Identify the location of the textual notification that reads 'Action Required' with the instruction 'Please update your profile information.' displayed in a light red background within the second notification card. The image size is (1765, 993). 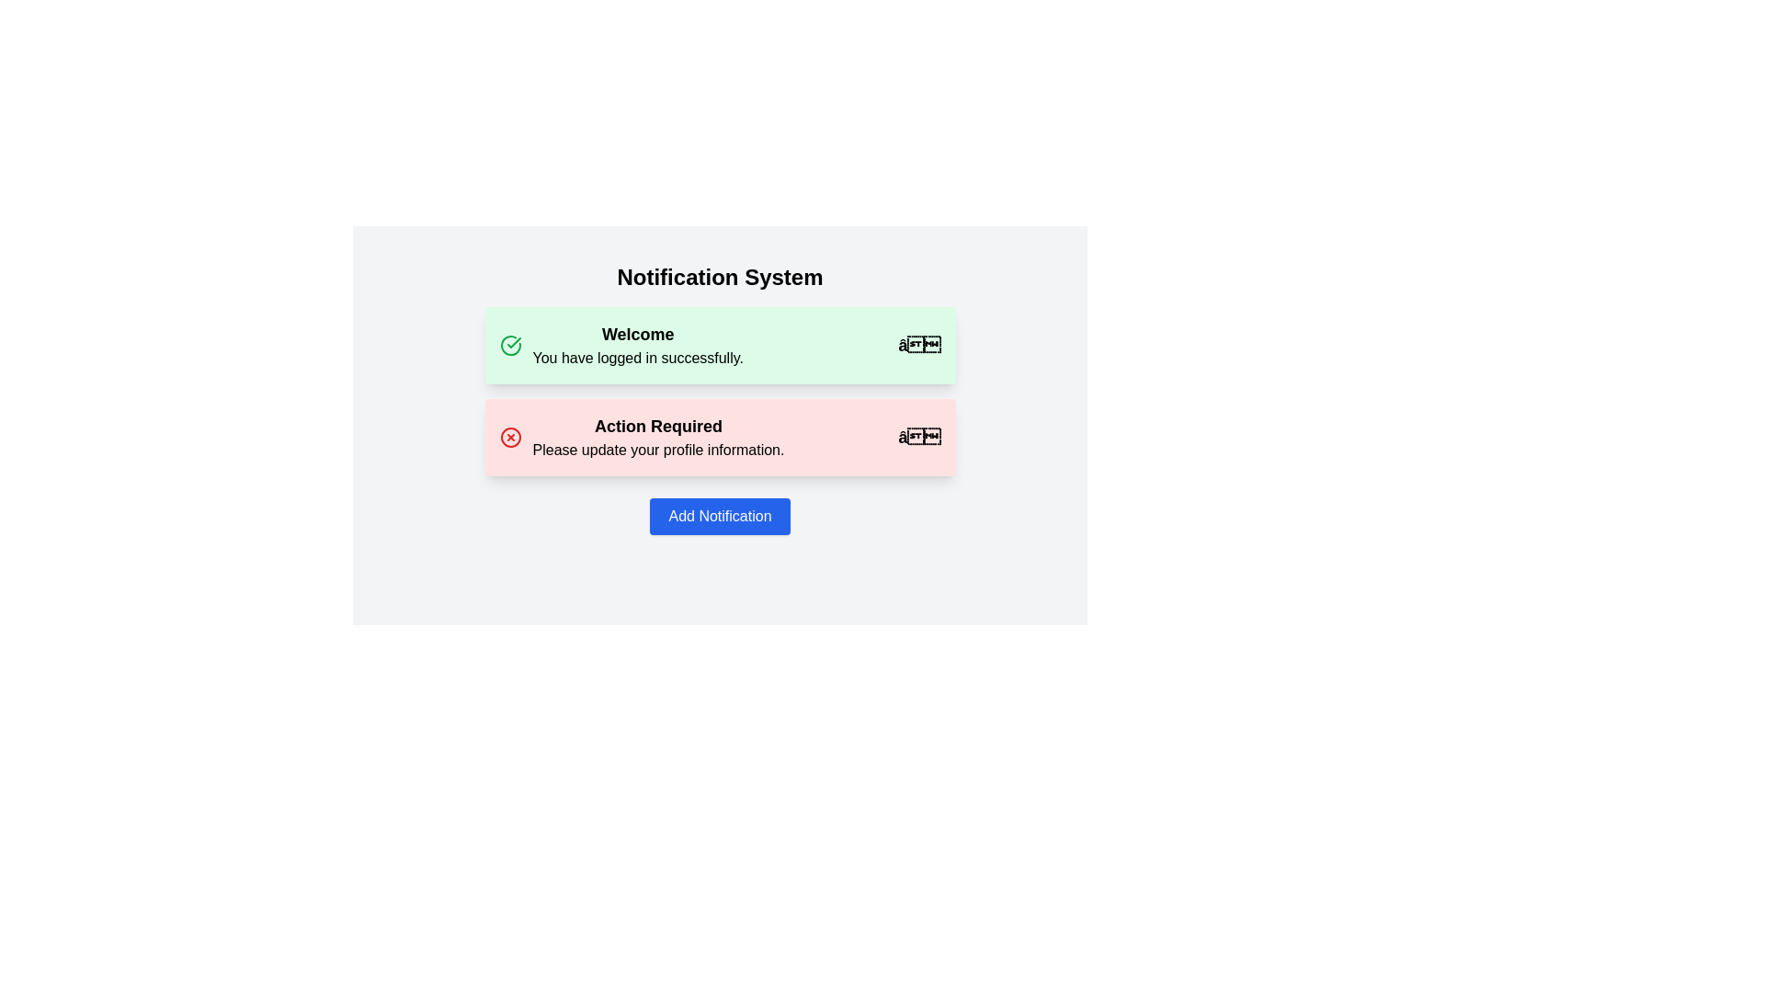
(658, 437).